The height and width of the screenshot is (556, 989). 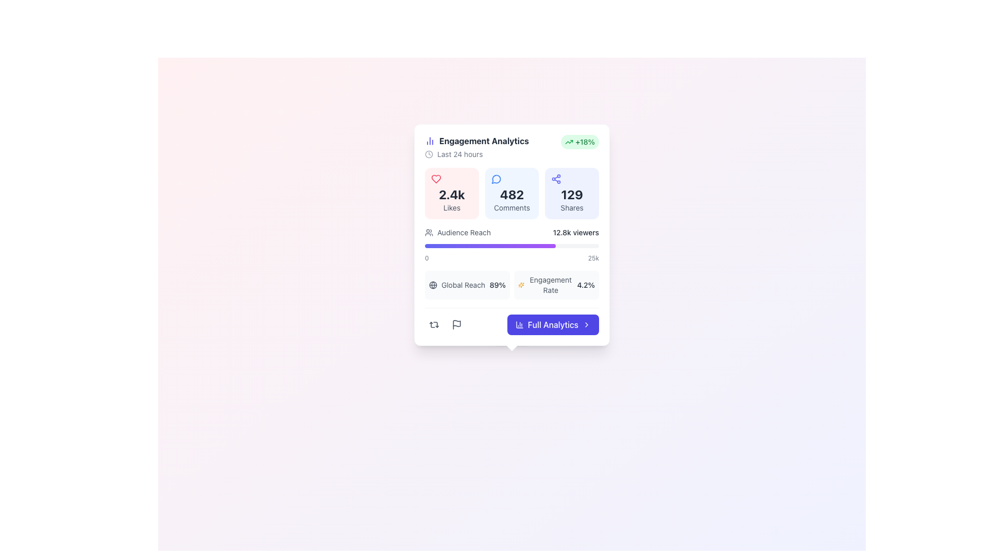 What do you see at coordinates (550, 285) in the screenshot?
I see `text label element displaying 'Engagement Rate', which is positioned near the bottom of the interface, to the right of an icon with sparkles and to the left of the percentage value '4.2%'` at bounding box center [550, 285].